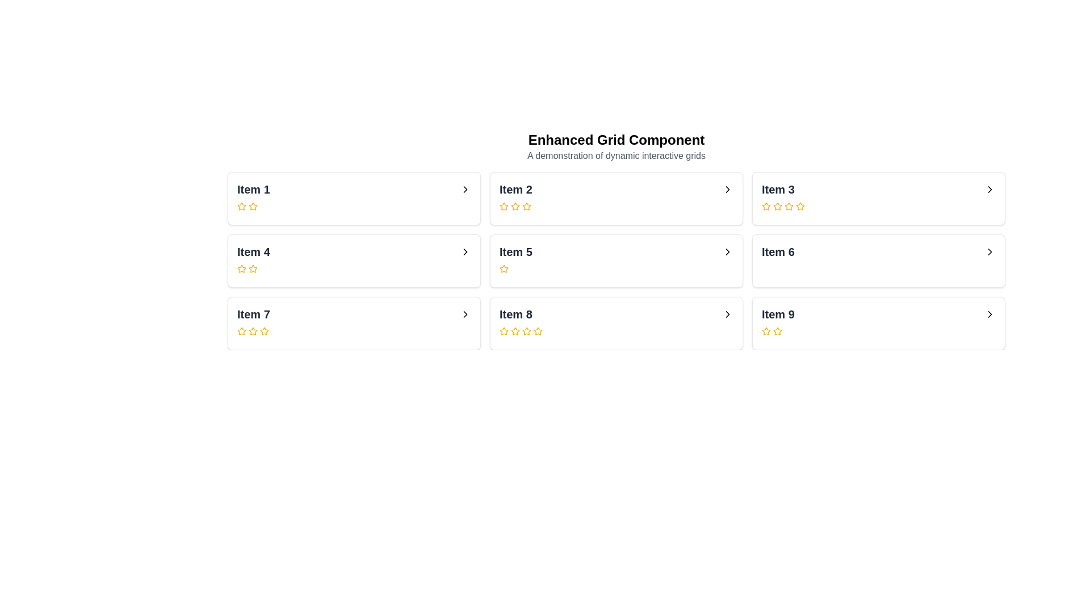 The height and width of the screenshot is (613, 1090). Describe the element at coordinates (615, 331) in the screenshot. I see `the Five-star rating indicator located in the card labeled 'Item 8', which consists of a row of five yellow star icons aligned horizontally` at that location.